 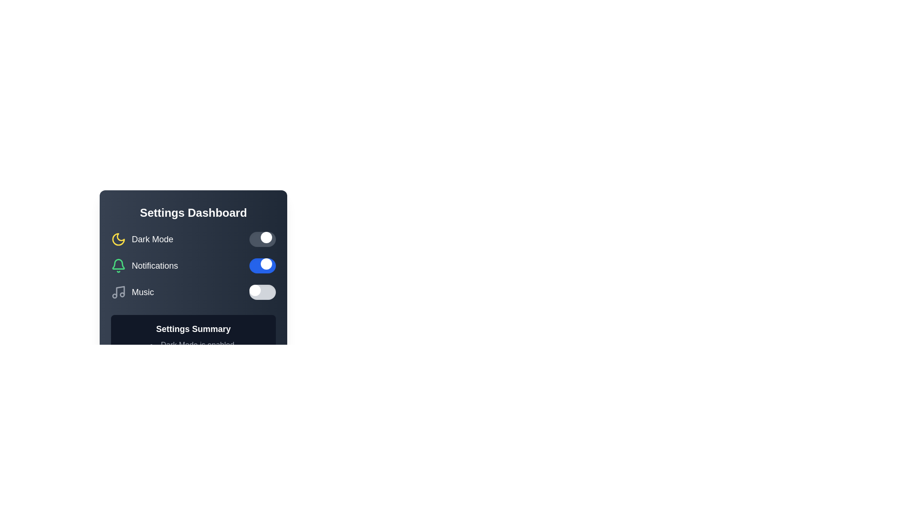 I want to click on the 'Notifications' Text Label with Icon, so click(x=144, y=266).